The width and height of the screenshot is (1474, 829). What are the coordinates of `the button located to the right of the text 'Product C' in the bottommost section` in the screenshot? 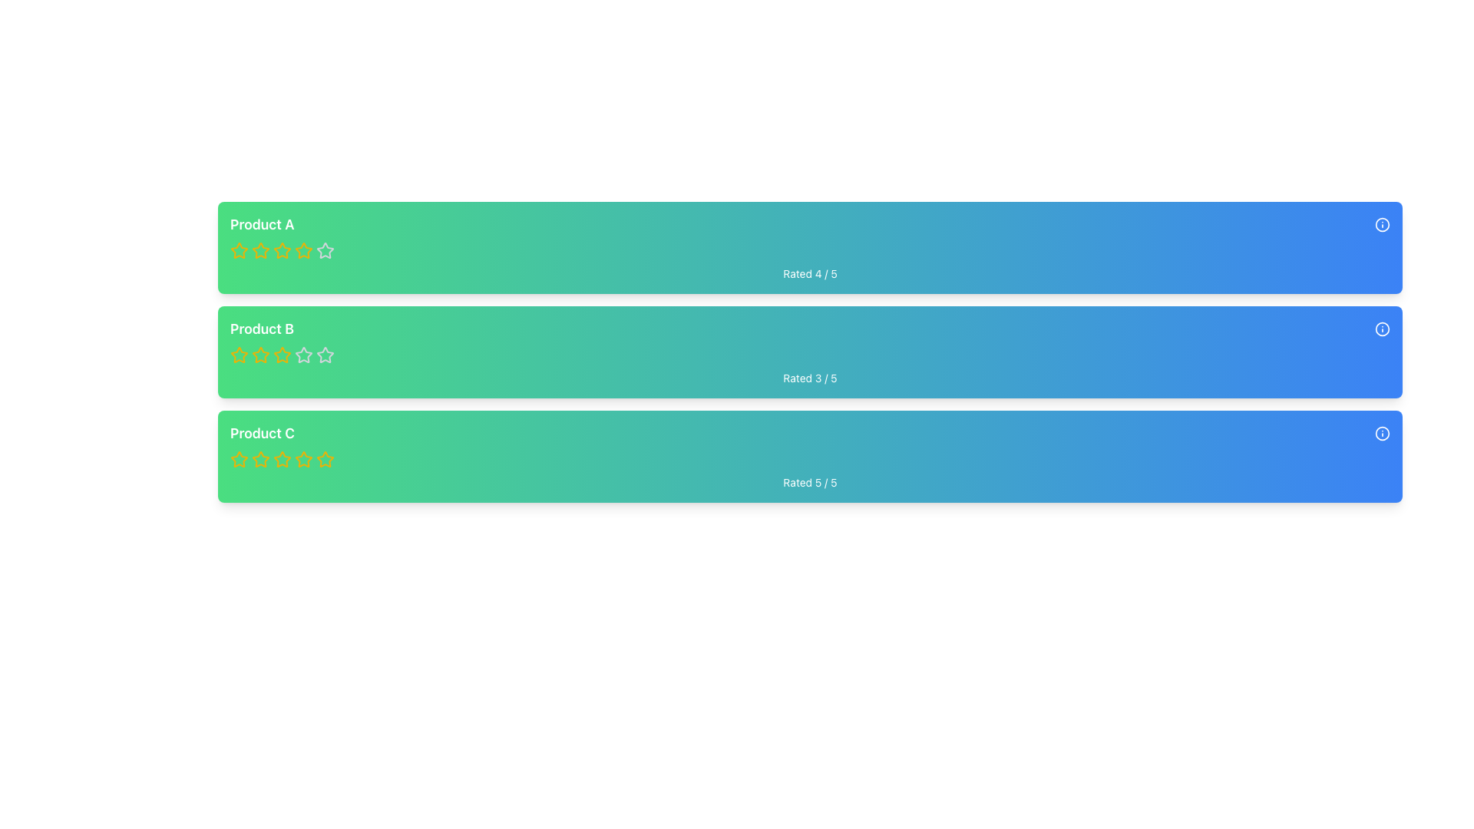 It's located at (1382, 433).